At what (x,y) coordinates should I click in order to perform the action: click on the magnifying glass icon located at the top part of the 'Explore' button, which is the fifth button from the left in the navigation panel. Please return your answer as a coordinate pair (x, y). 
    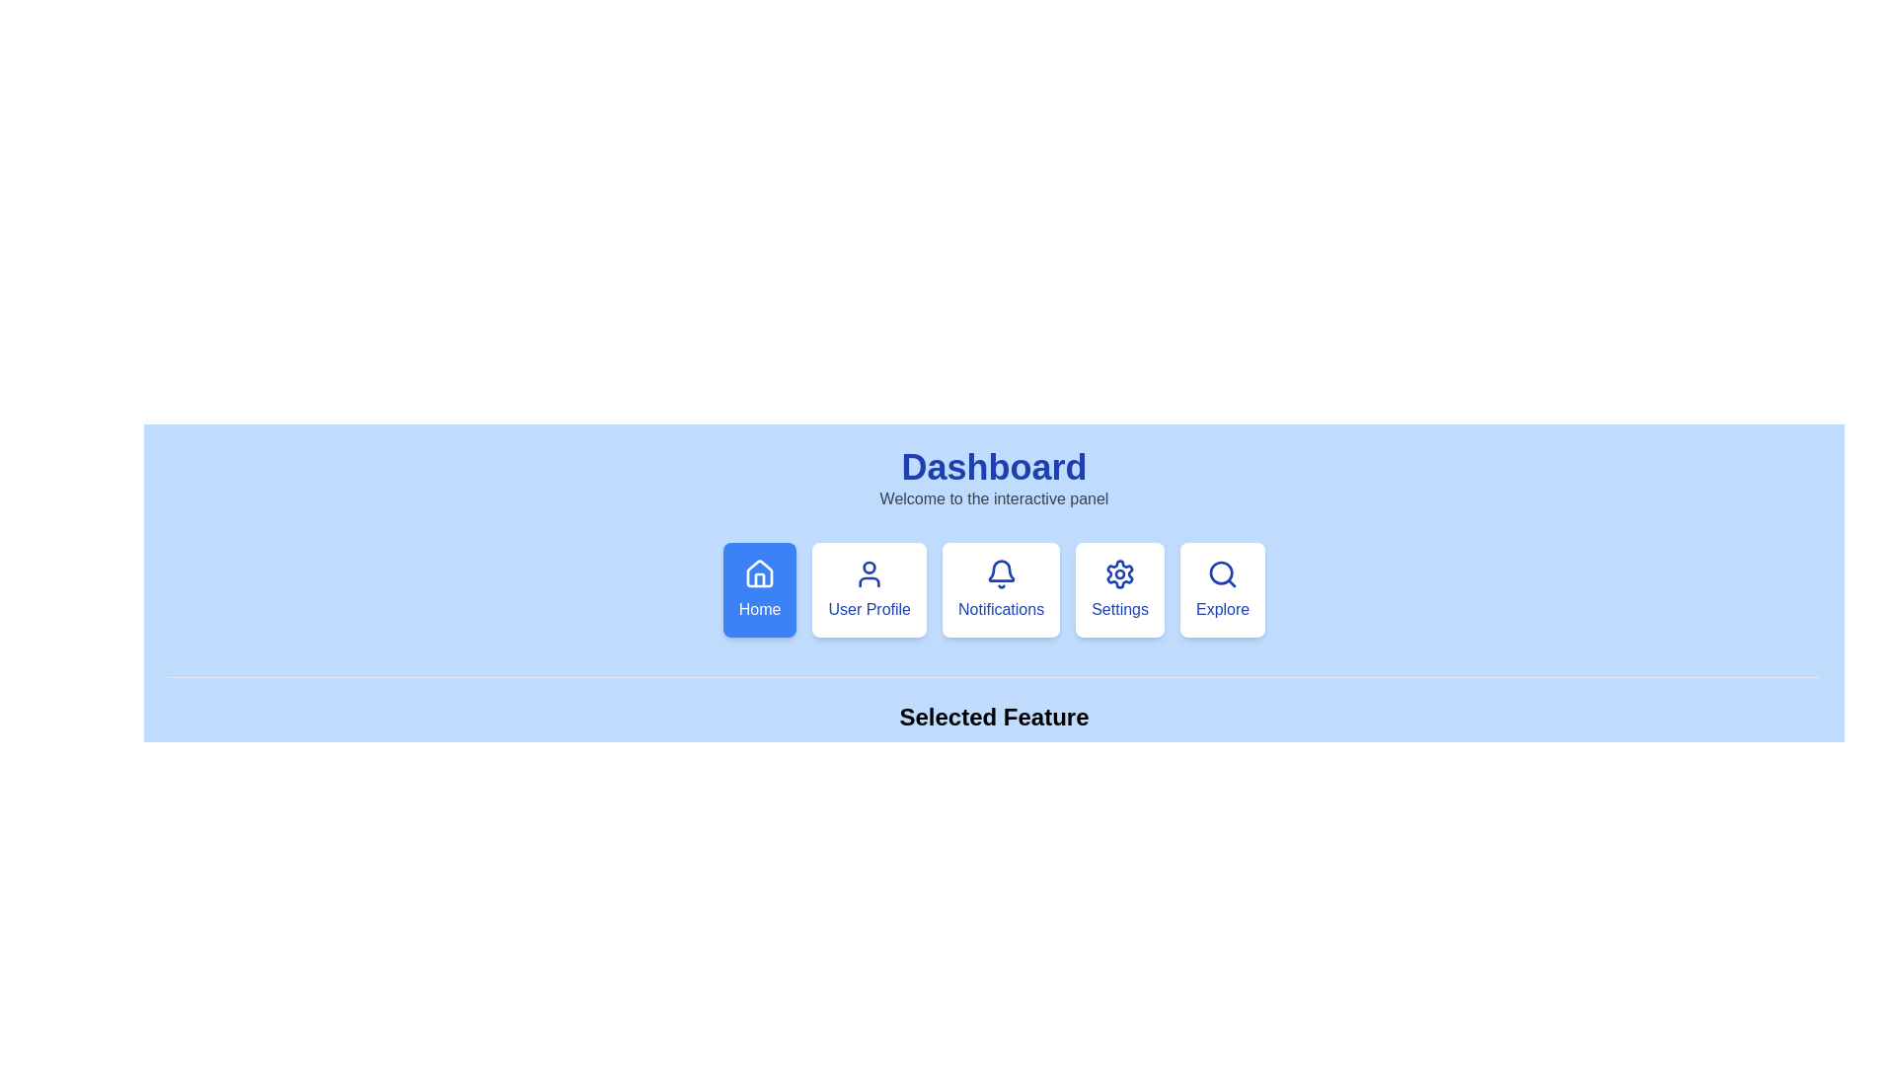
    Looking at the image, I should click on (1222, 574).